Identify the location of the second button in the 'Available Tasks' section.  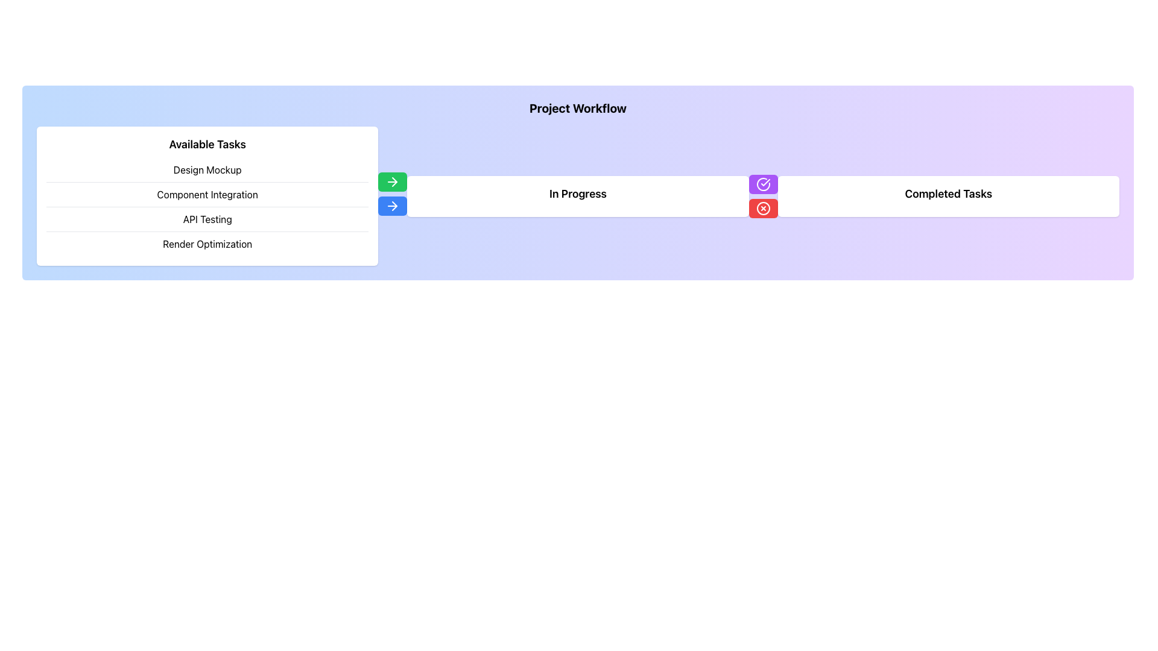
(393, 205).